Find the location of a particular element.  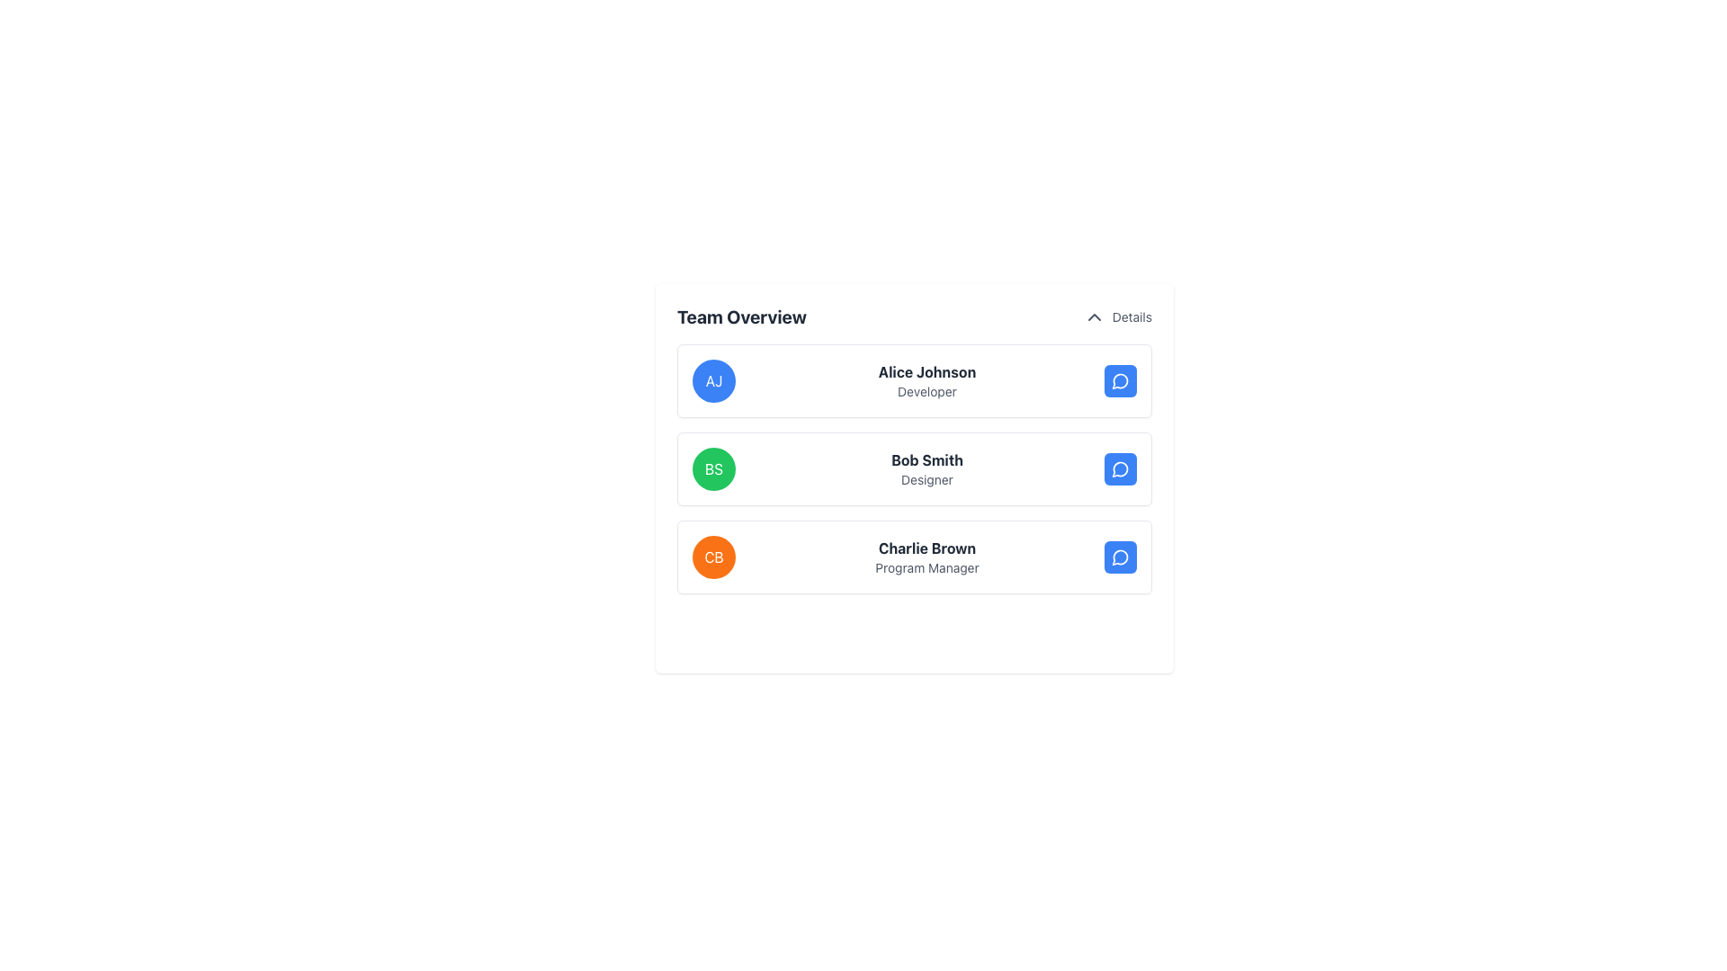

the text label displaying 'Developer', which is positioned directly below the bold name 'Alice Johnson' in a vertical list of team members is located at coordinates (927, 390).